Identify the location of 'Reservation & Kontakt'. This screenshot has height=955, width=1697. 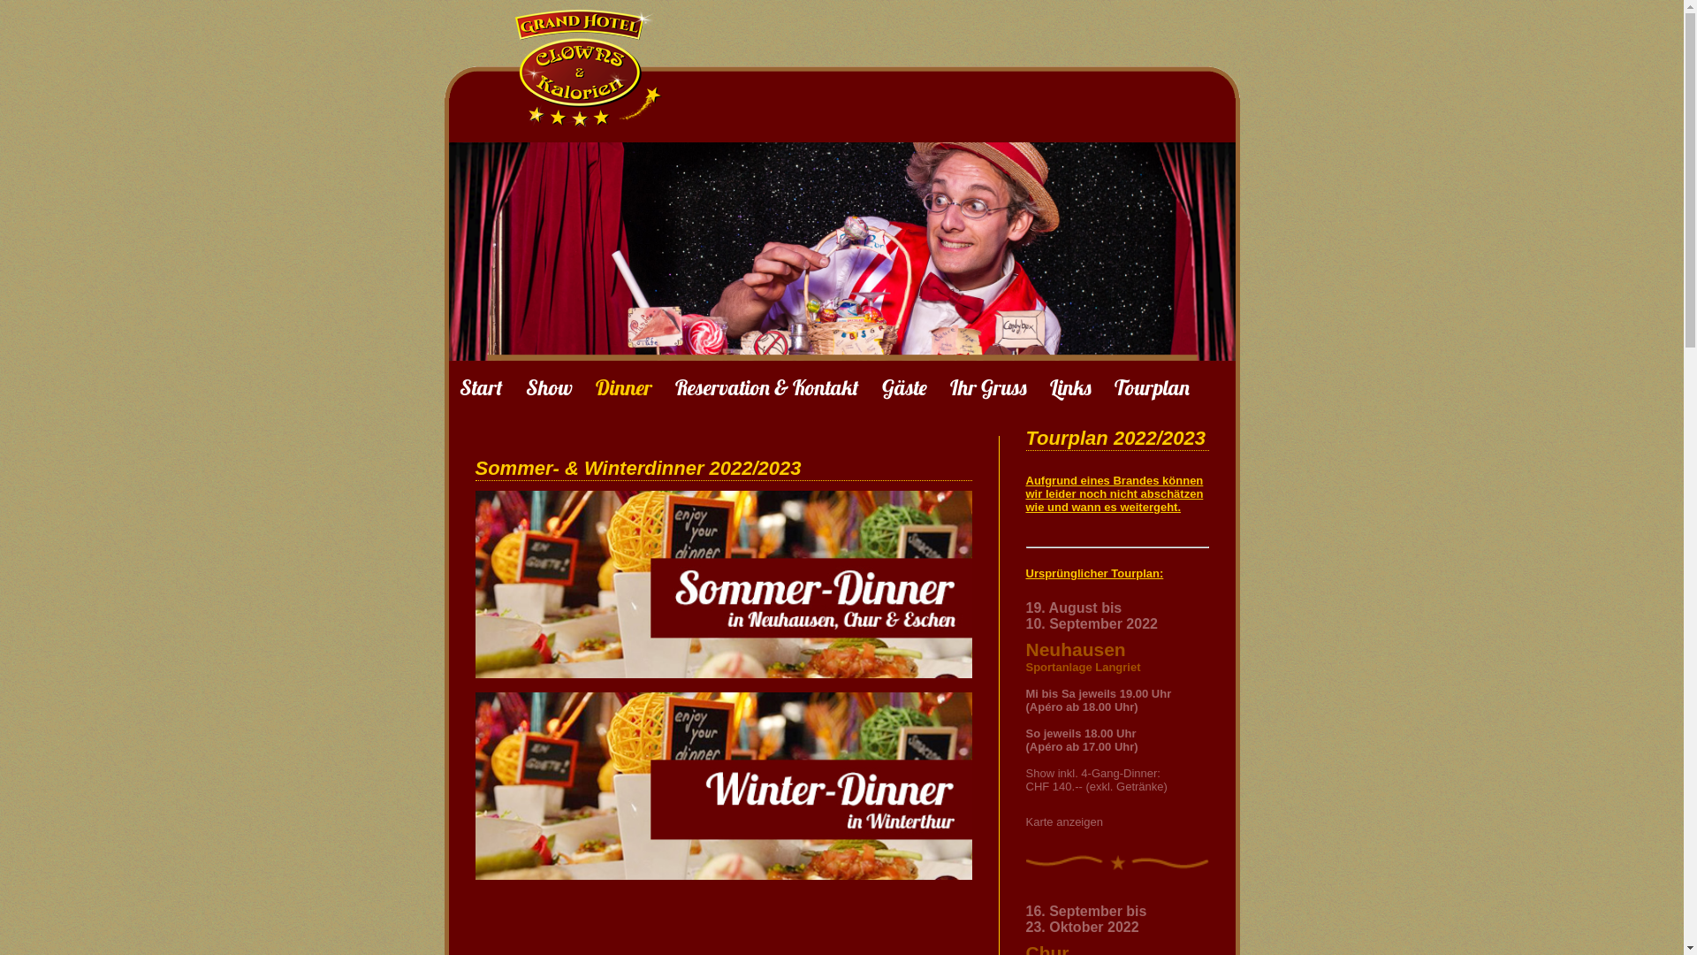
(767, 386).